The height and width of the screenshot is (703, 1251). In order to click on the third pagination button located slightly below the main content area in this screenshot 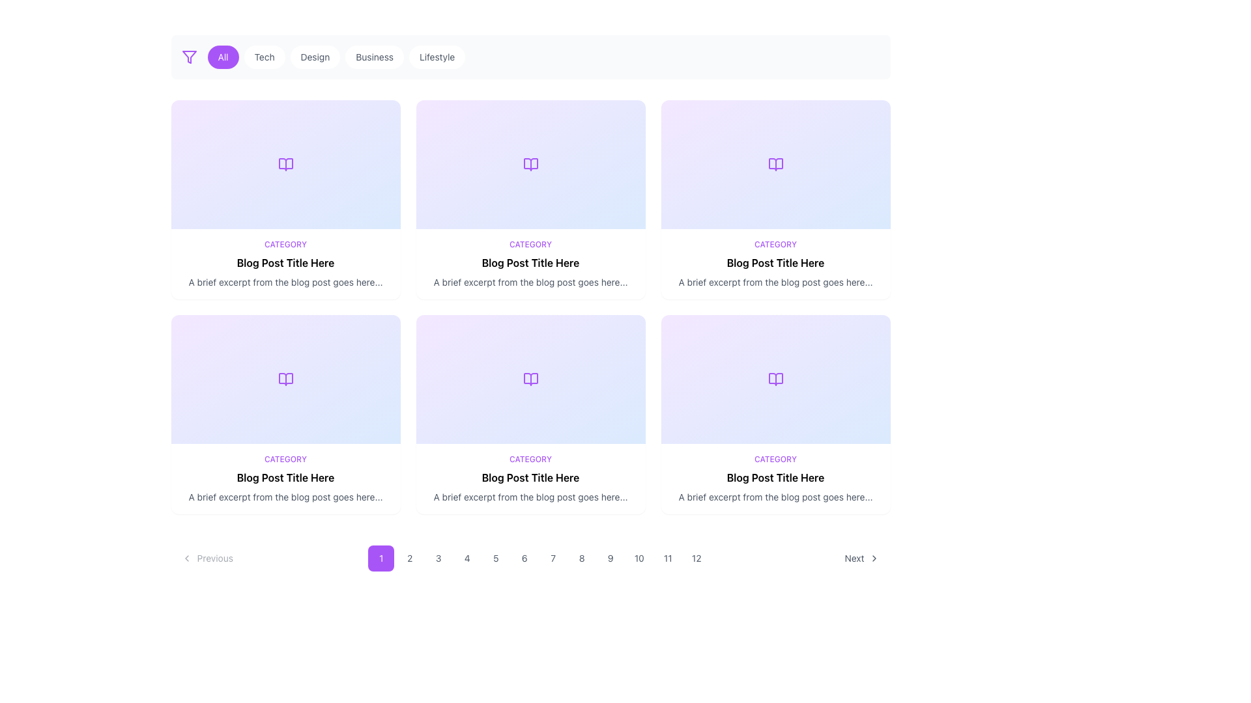, I will do `click(439, 557)`.